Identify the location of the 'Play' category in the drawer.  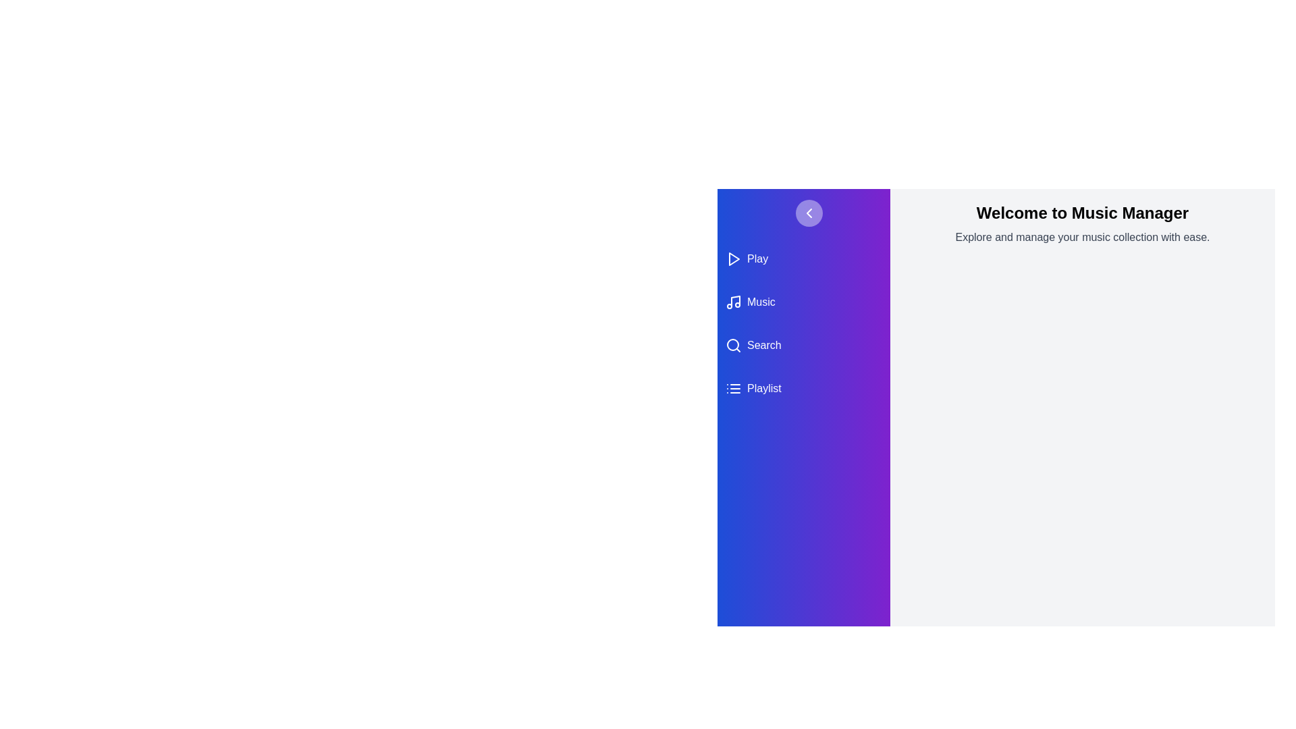
(803, 259).